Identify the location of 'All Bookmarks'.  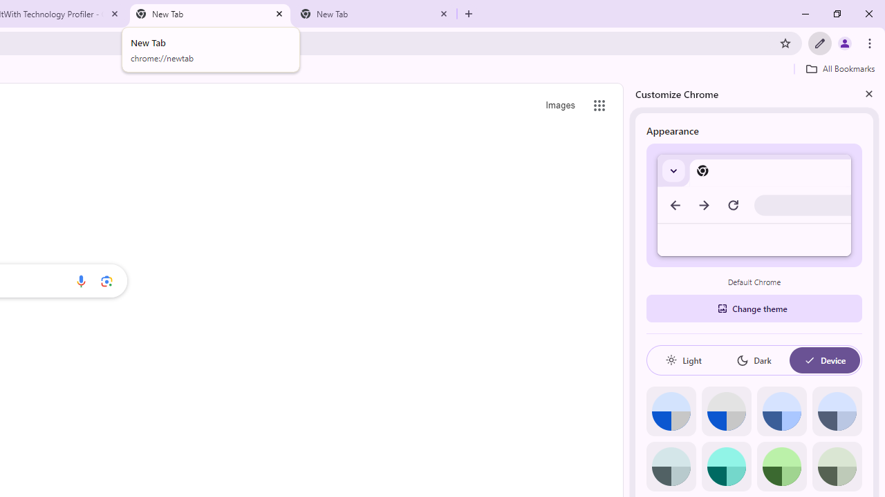
(839, 68).